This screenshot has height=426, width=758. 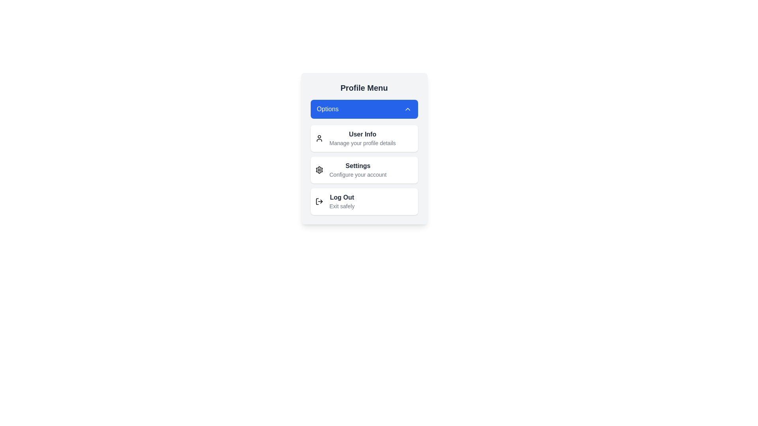 What do you see at coordinates (364, 201) in the screenshot?
I see `the menu option Log Out from the list` at bounding box center [364, 201].